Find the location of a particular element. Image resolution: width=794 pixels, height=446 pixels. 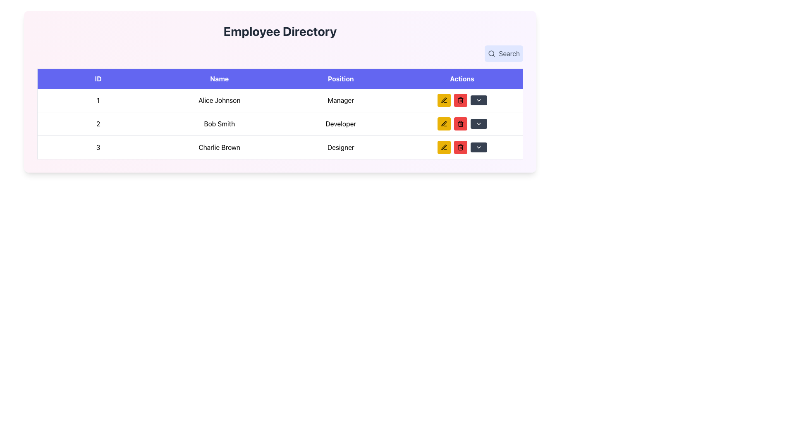

the dropdown trigger button for the 'Developer' entry in the employee directory table is located at coordinates (478, 124).